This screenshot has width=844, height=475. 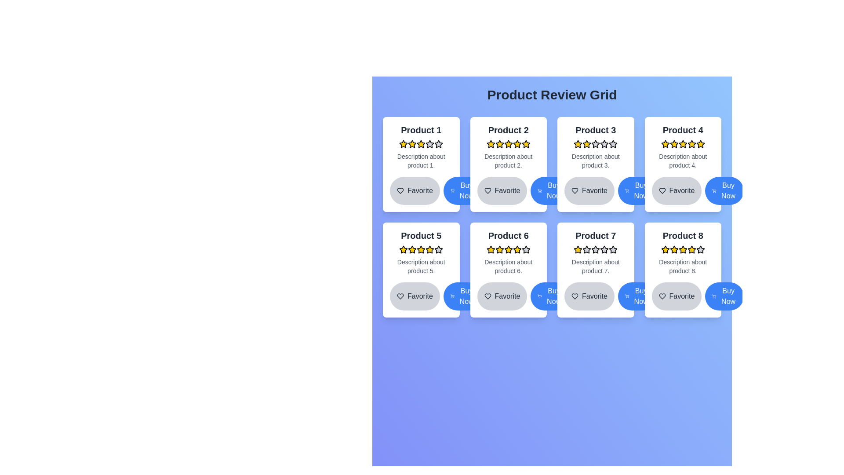 I want to click on the fourth yellow star icon in the rating system for 'Product 5' via assistive devices, so click(x=430, y=249).